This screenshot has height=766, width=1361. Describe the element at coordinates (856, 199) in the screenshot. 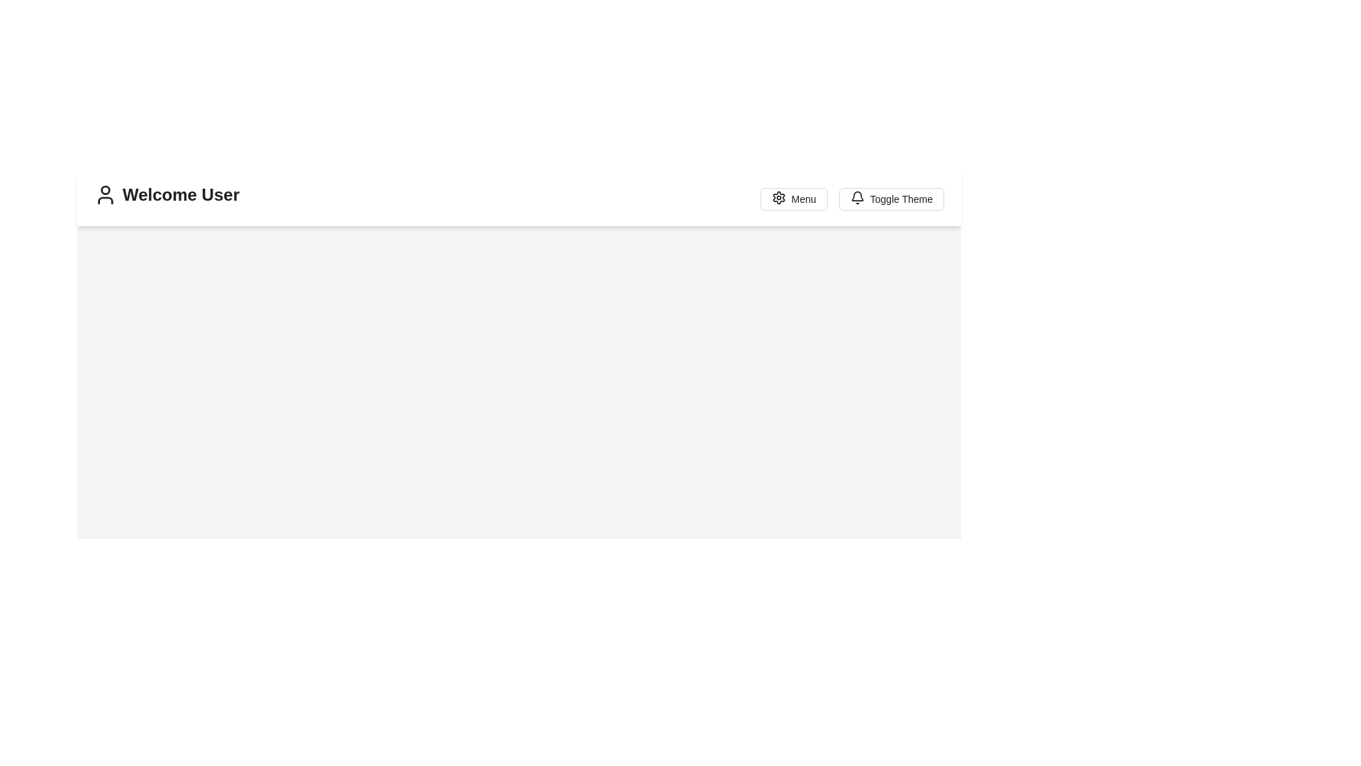

I see `the bell-shaped icon within the 'Toggle Theme' button, which is positioned to the left of the text label` at that location.